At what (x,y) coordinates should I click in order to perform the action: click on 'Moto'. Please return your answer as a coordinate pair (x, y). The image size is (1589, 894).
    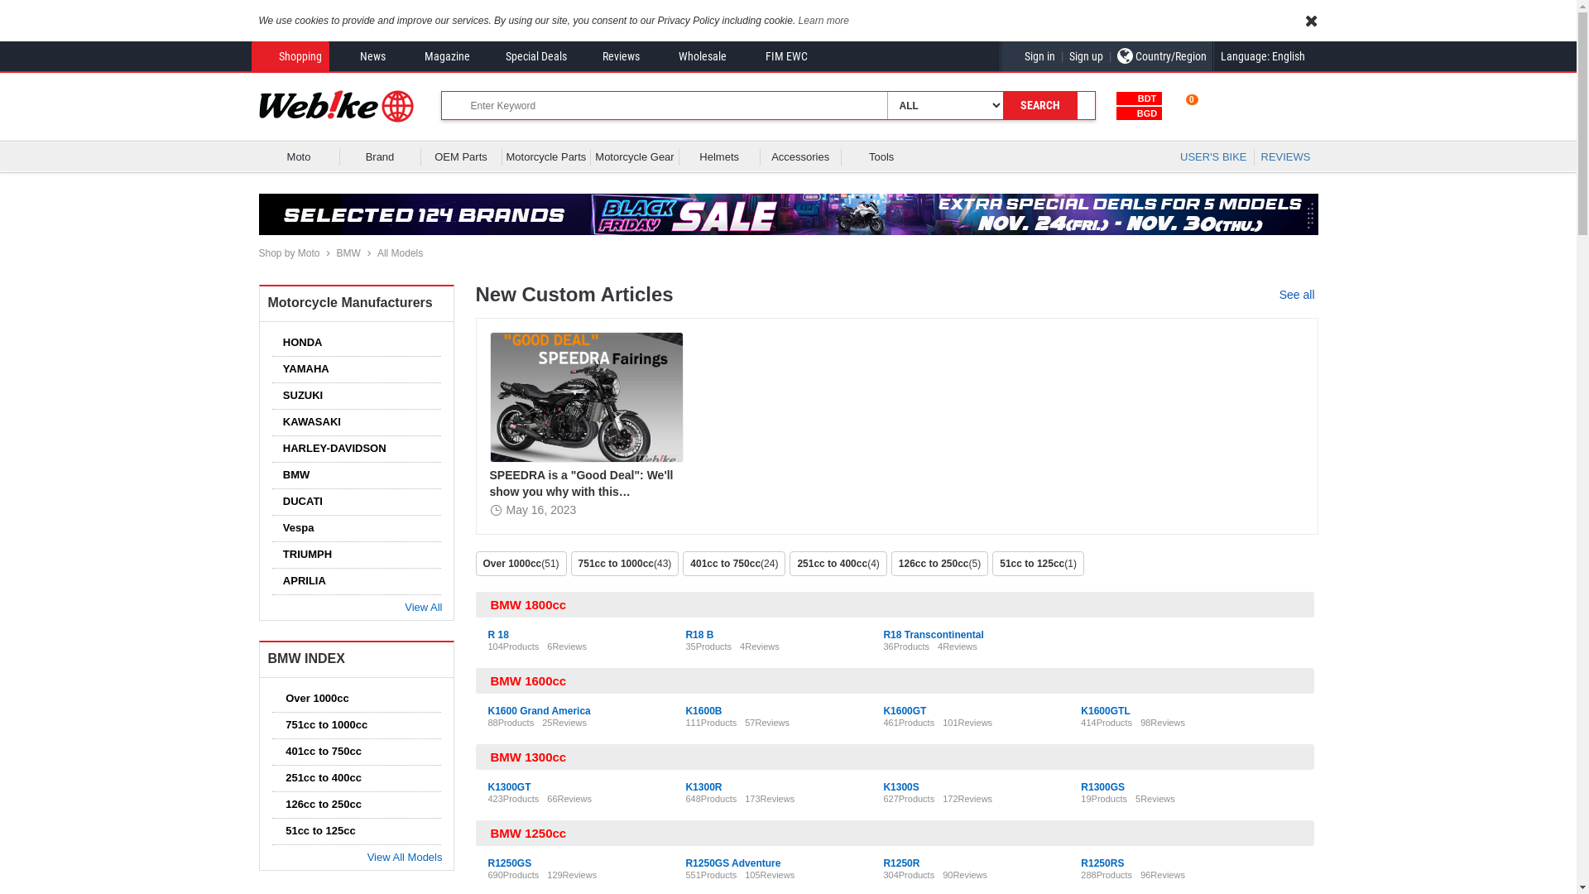
    Looking at the image, I should click on (299, 156).